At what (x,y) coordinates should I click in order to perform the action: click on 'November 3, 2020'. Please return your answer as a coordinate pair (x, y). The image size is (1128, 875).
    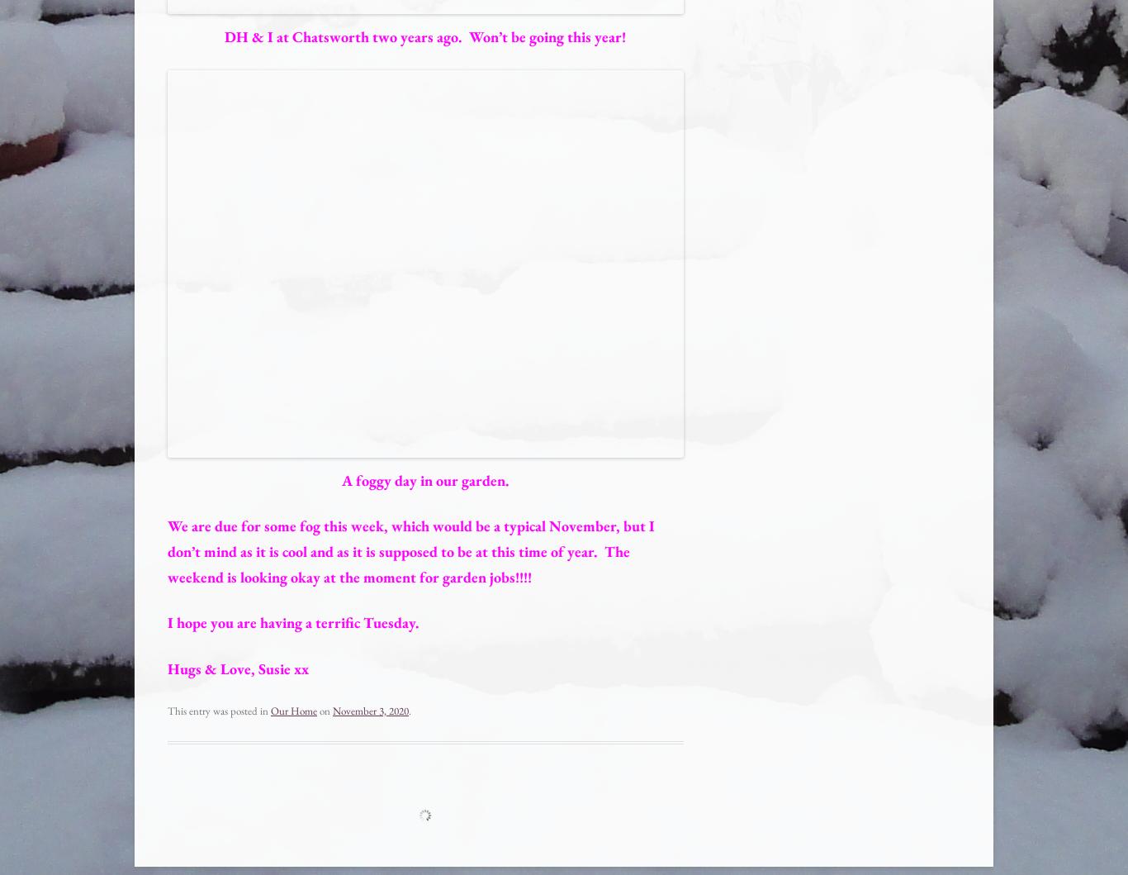
    Looking at the image, I should click on (370, 710).